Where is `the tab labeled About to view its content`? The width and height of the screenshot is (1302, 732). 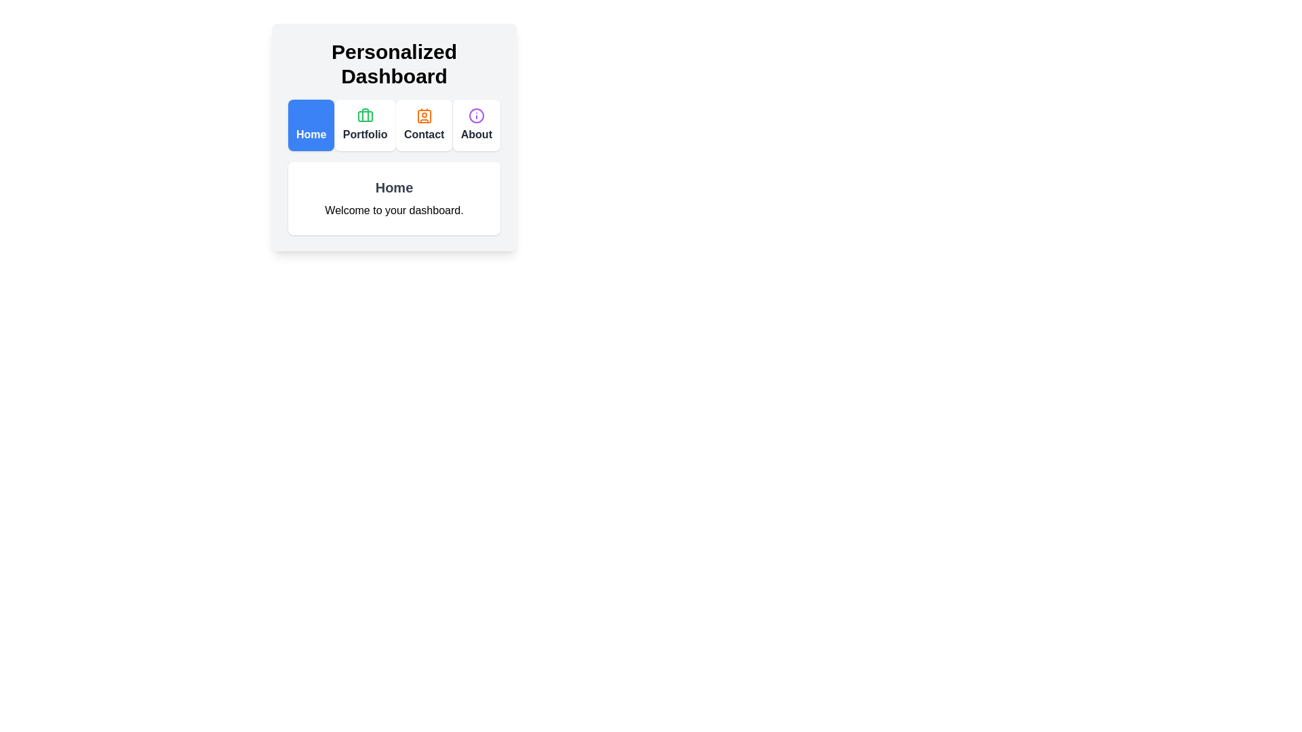 the tab labeled About to view its content is located at coordinates (475, 125).